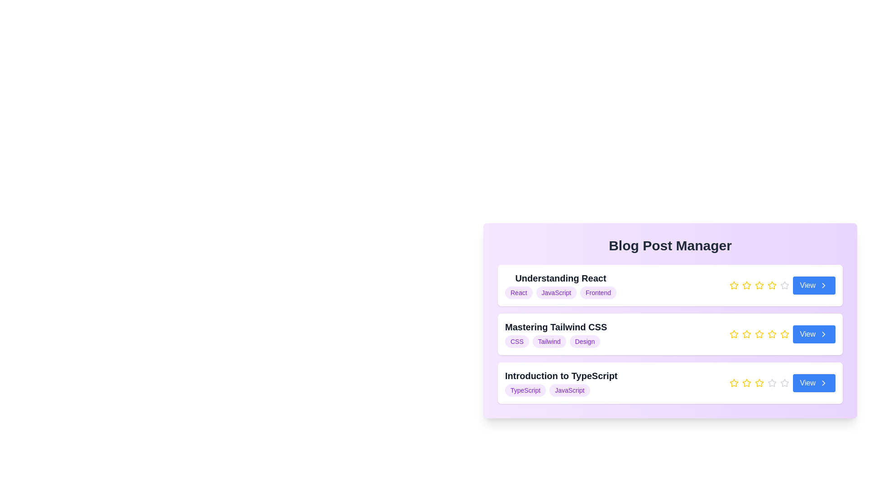 This screenshot has height=488, width=869. What do you see at coordinates (771, 334) in the screenshot?
I see `the fifth golden star-shaped rating icon in the rating section of the 'Mastering Tailwind CSS' blog entry` at bounding box center [771, 334].